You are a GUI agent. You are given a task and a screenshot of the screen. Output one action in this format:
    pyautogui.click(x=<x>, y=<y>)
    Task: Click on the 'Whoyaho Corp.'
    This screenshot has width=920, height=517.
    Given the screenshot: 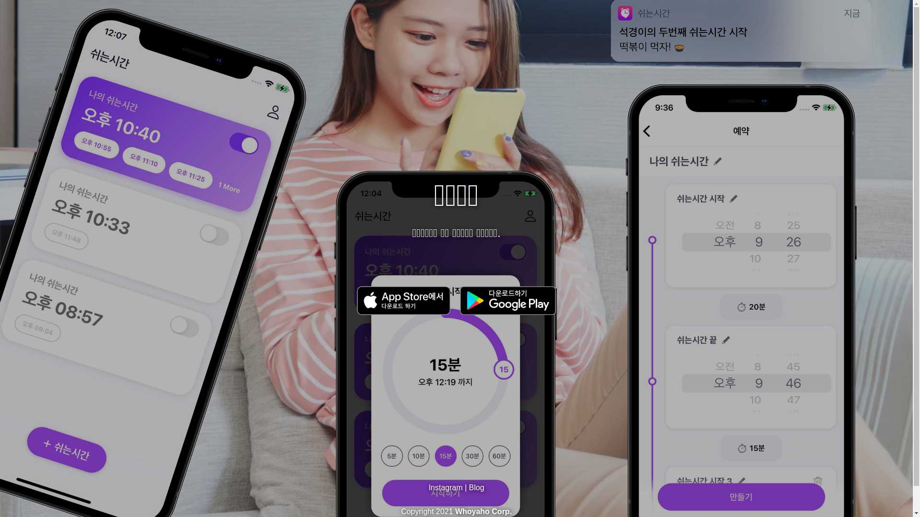 What is the action you would take?
    pyautogui.click(x=483, y=511)
    